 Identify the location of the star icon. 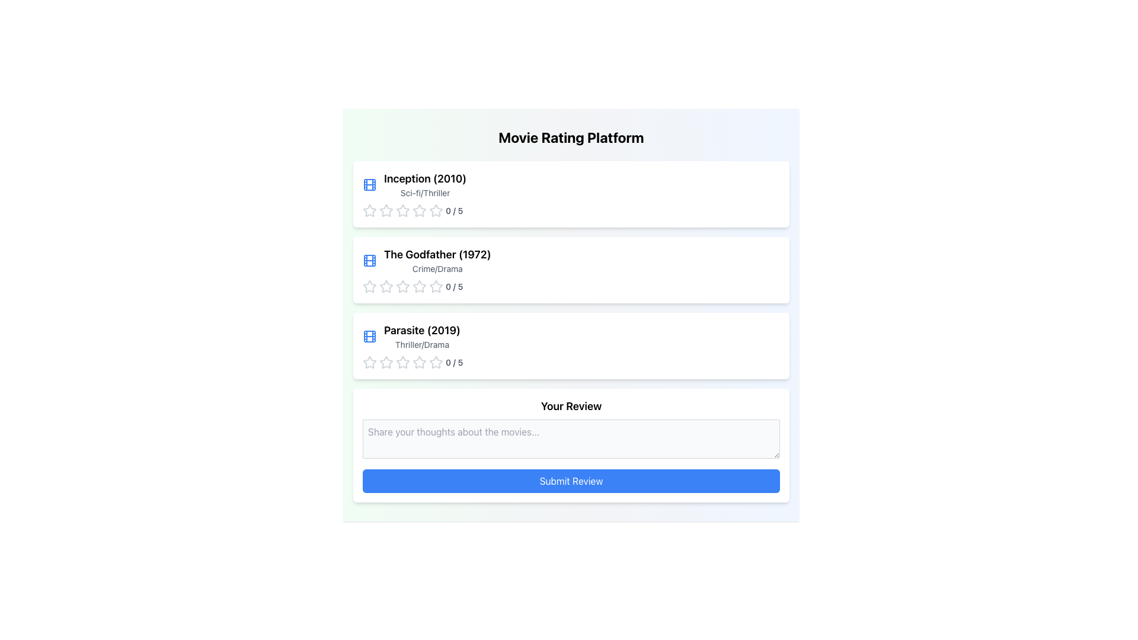
(386, 286).